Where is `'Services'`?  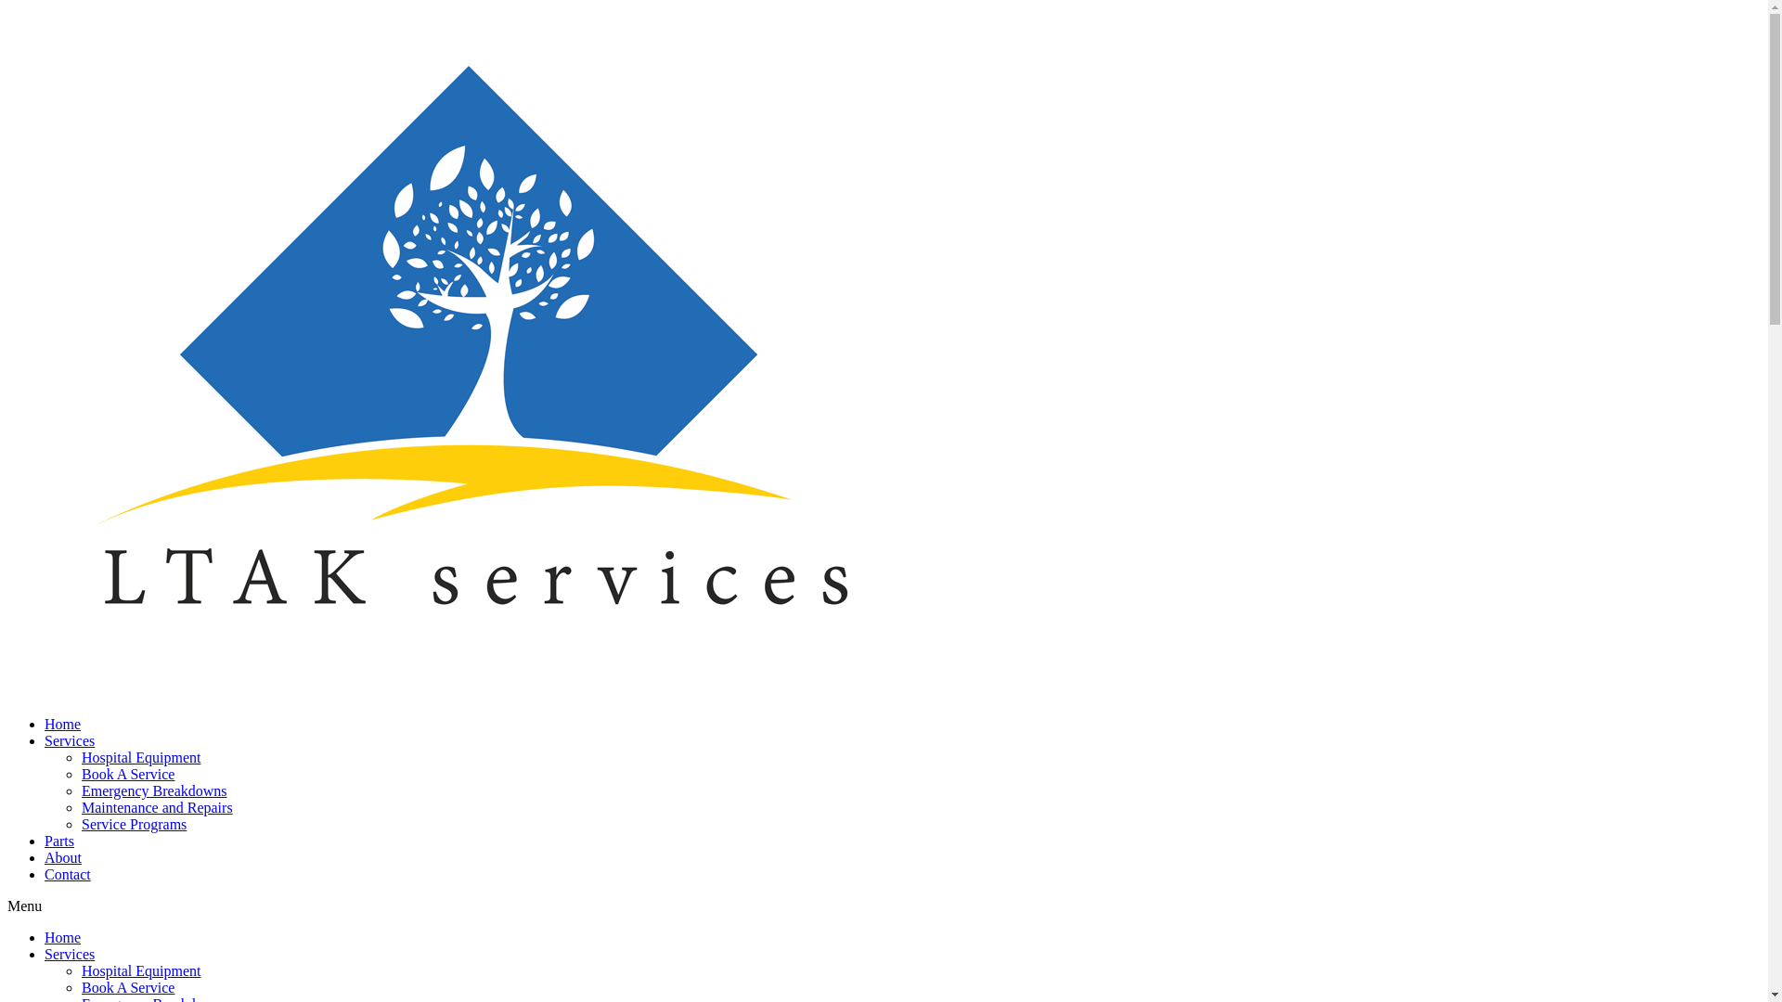 'Services' is located at coordinates (70, 954).